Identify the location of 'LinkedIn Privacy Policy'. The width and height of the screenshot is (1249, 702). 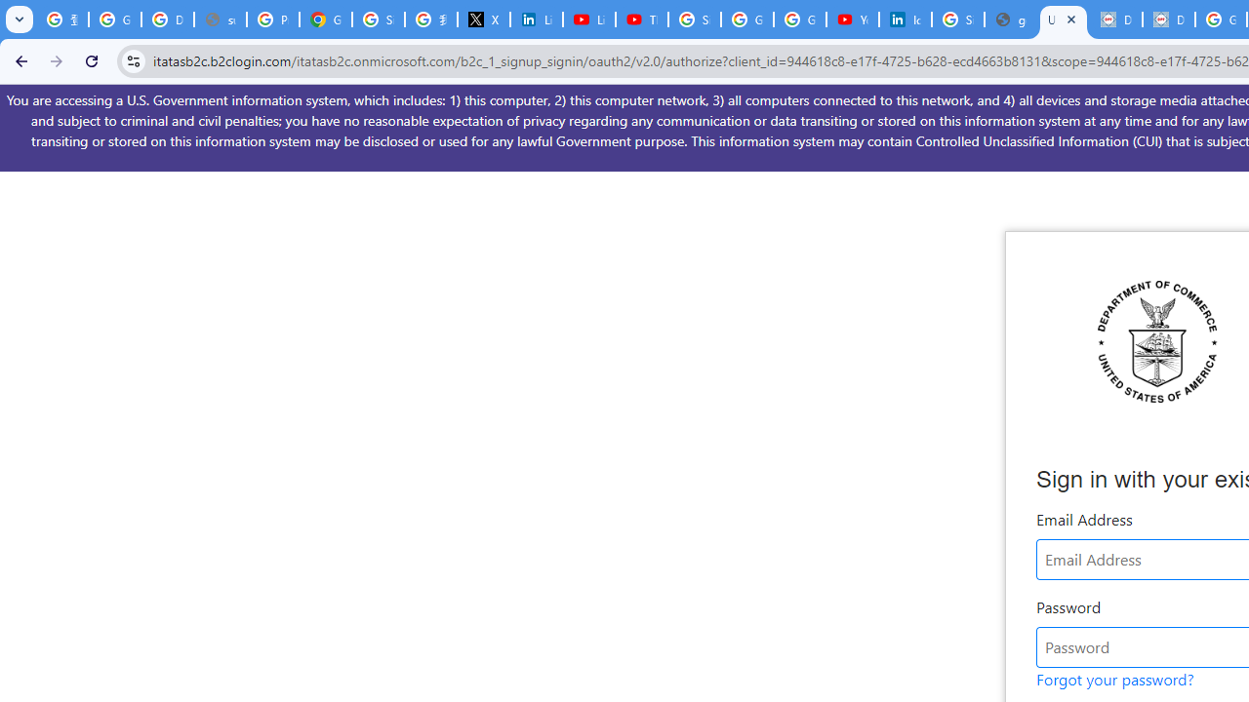
(537, 19).